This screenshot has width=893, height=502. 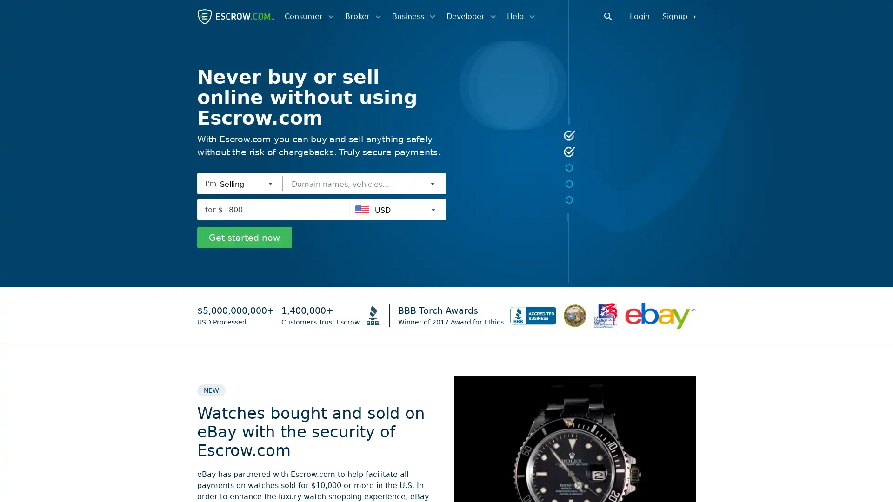 I want to click on Get started now, so click(x=245, y=237).